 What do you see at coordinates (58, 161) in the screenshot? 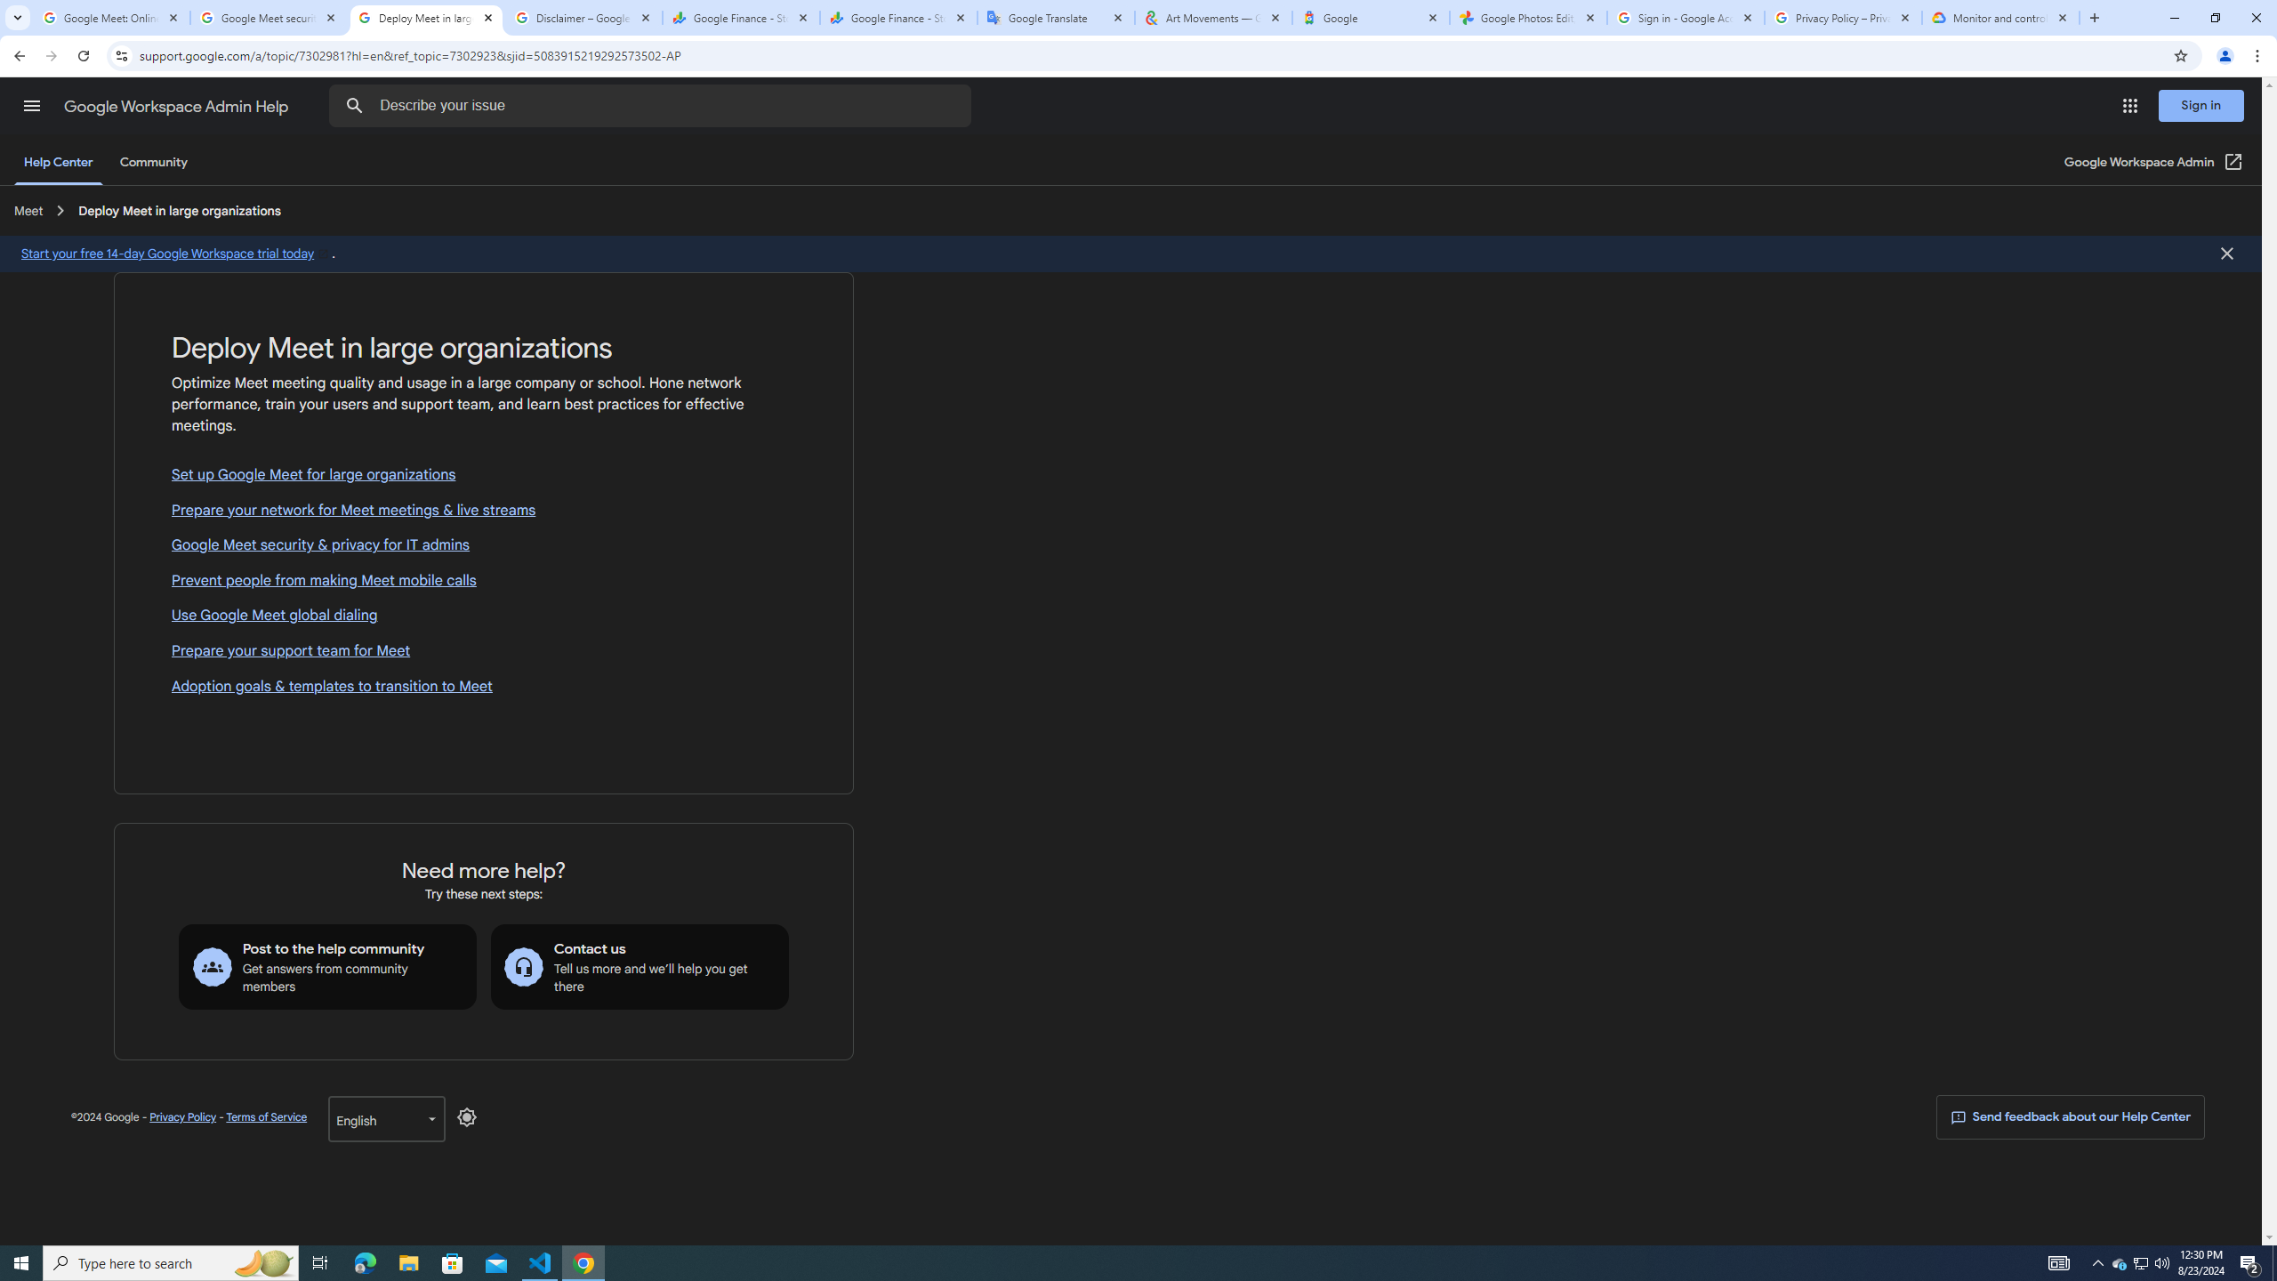
I see `'Help Center'` at bounding box center [58, 161].